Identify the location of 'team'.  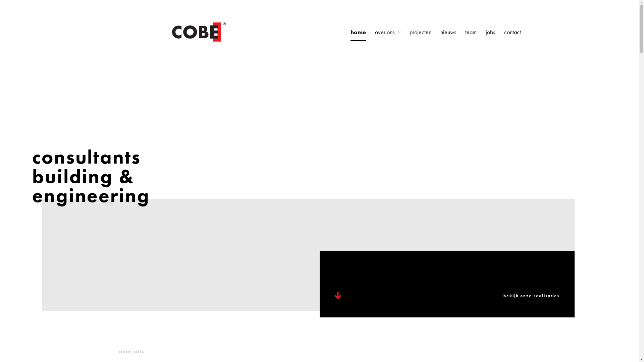
(470, 32).